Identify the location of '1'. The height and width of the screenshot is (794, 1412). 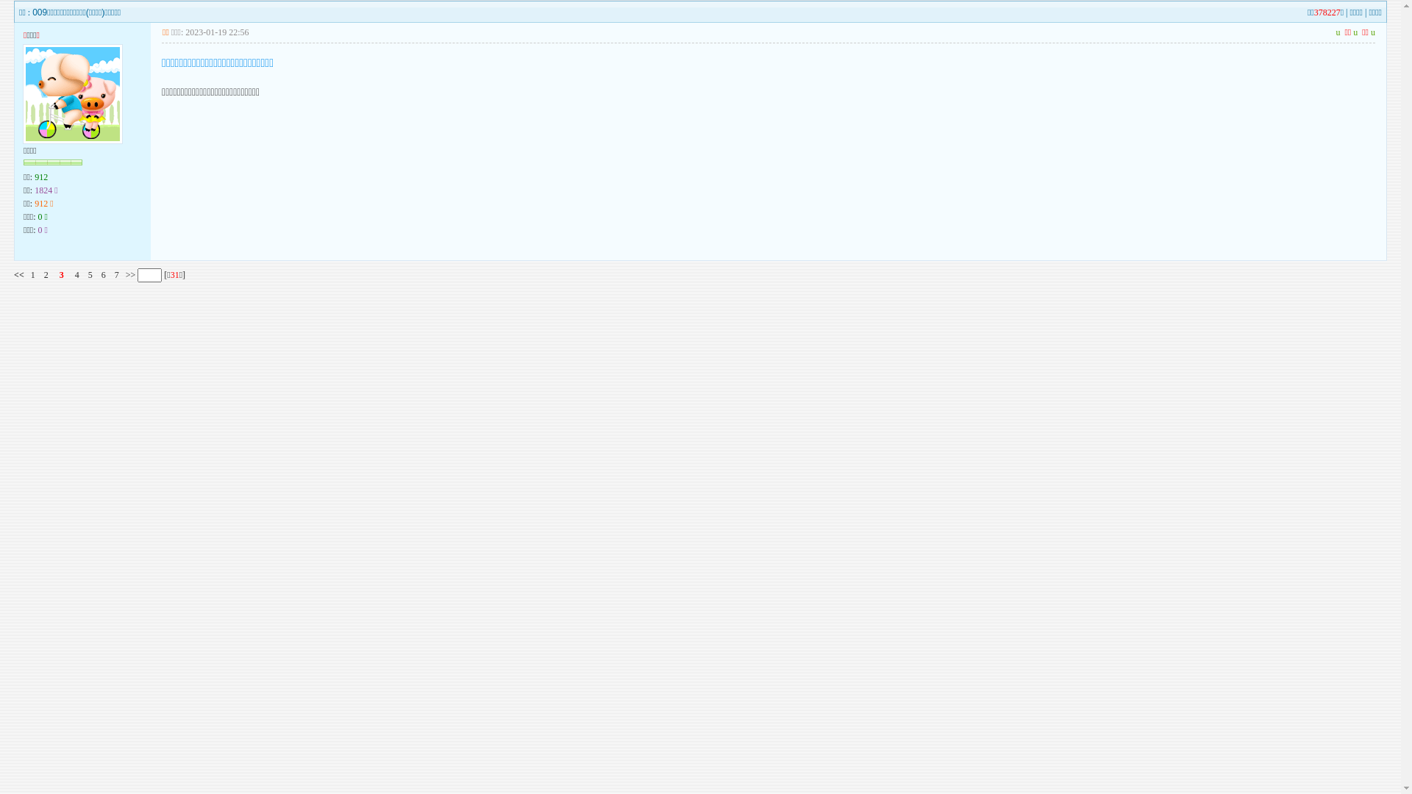
(32, 275).